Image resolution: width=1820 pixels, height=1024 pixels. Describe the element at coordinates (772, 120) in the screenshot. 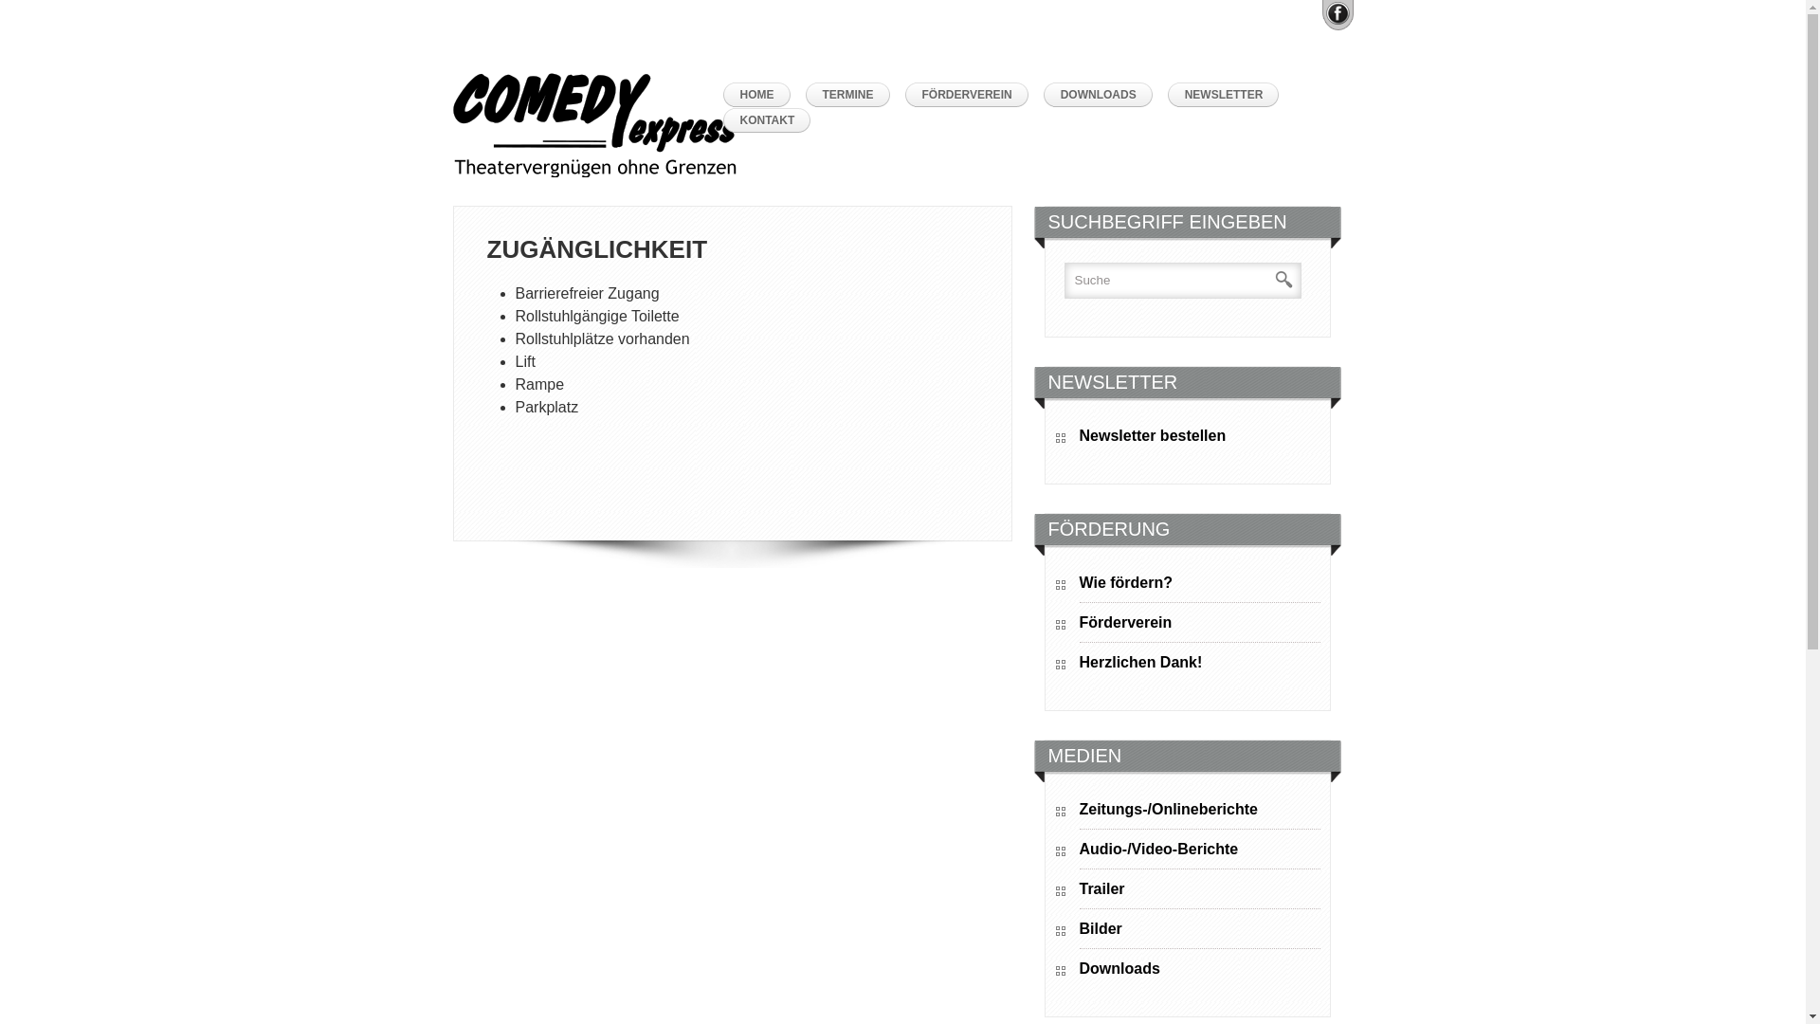

I see `'KONTAKT'` at that location.